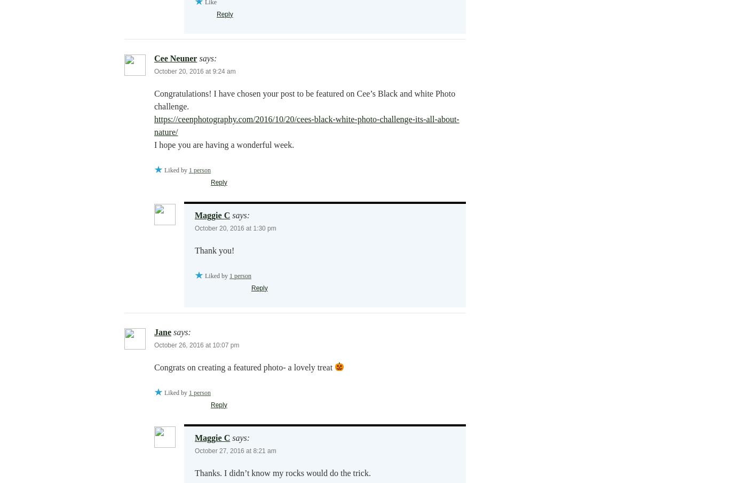  I want to click on 'Jane', so click(163, 331).